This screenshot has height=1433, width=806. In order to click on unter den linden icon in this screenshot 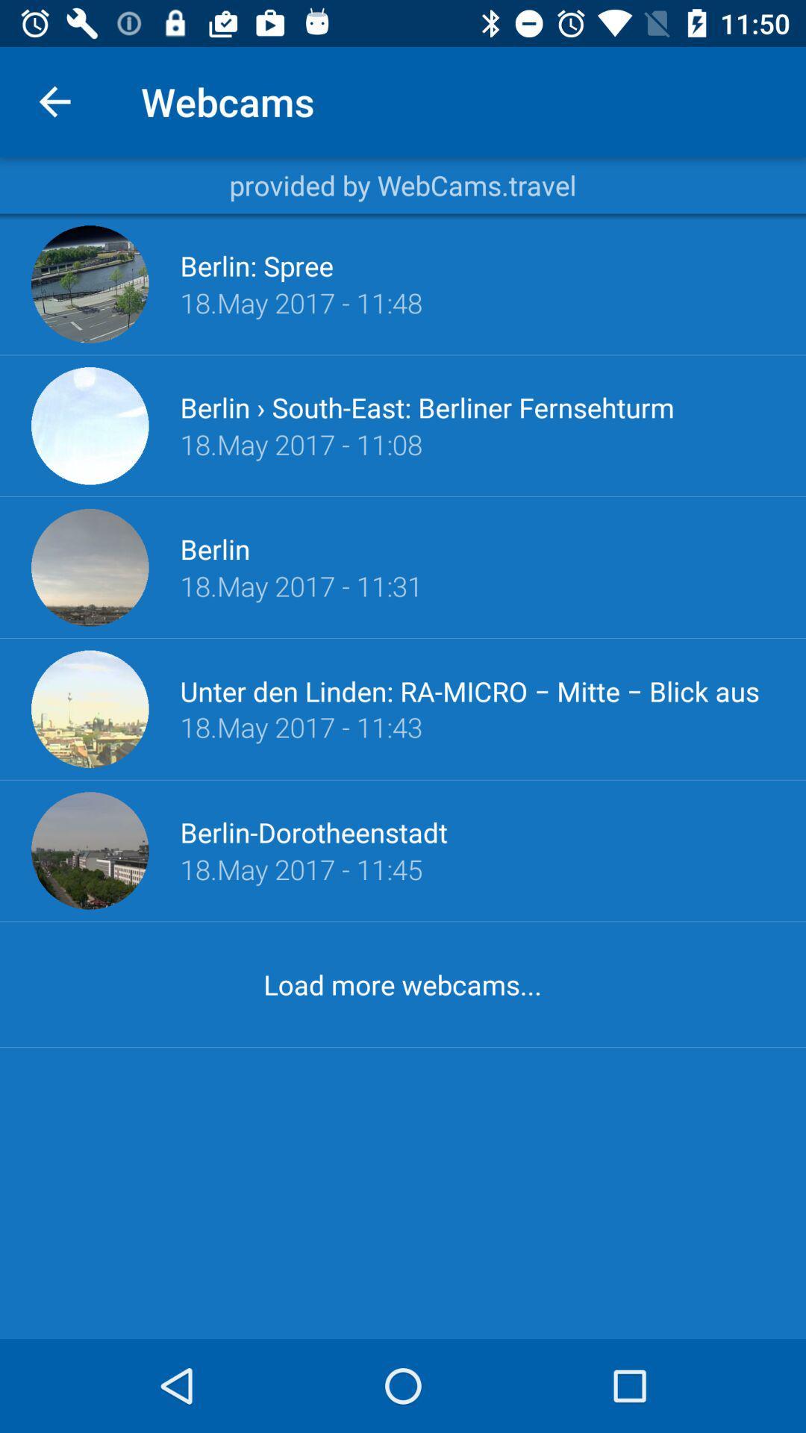, I will do `click(477, 690)`.